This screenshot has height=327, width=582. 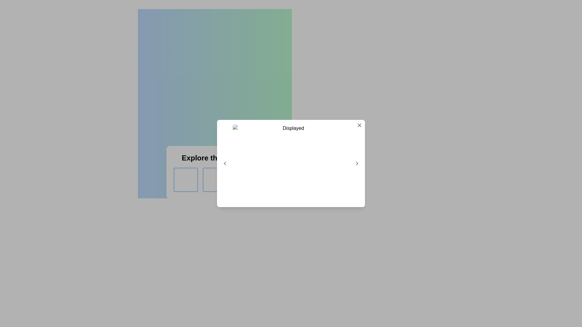 What do you see at coordinates (357, 163) in the screenshot?
I see `the rightward-pointing chevron arrow icon located in the top right quadrant of the modal dialog` at bounding box center [357, 163].